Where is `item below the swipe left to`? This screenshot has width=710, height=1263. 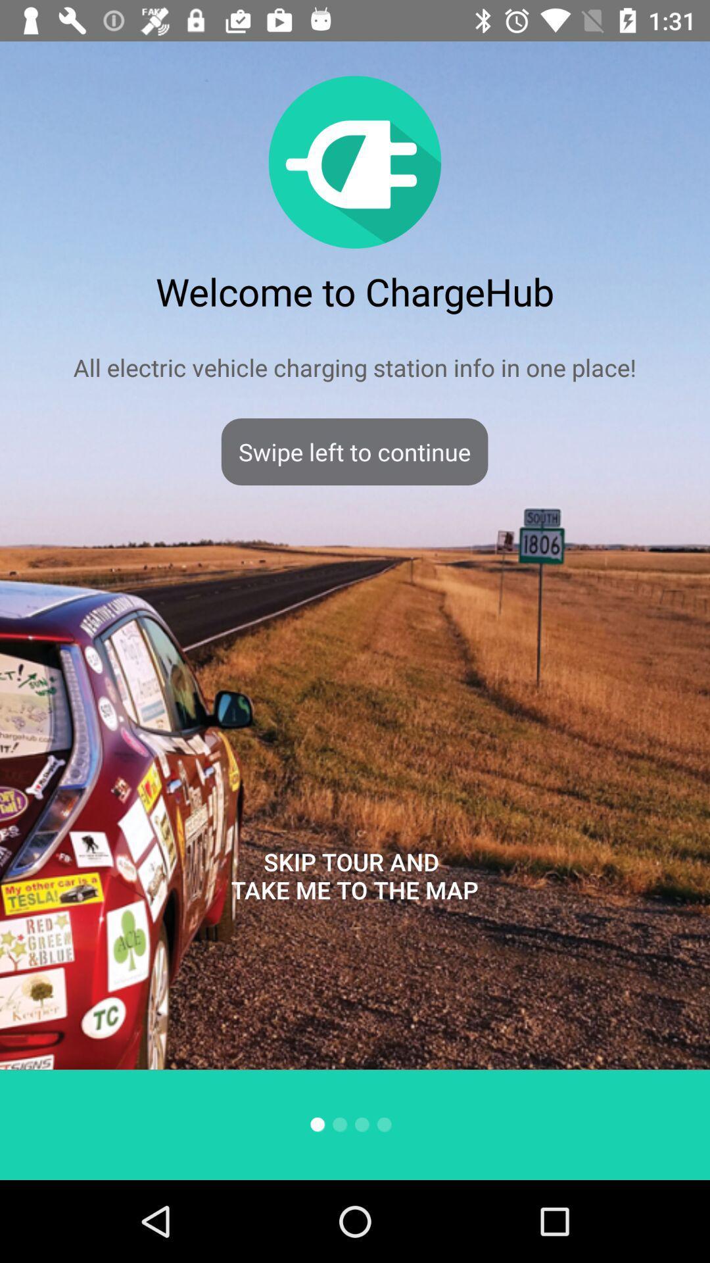 item below the swipe left to is located at coordinates (354, 876).